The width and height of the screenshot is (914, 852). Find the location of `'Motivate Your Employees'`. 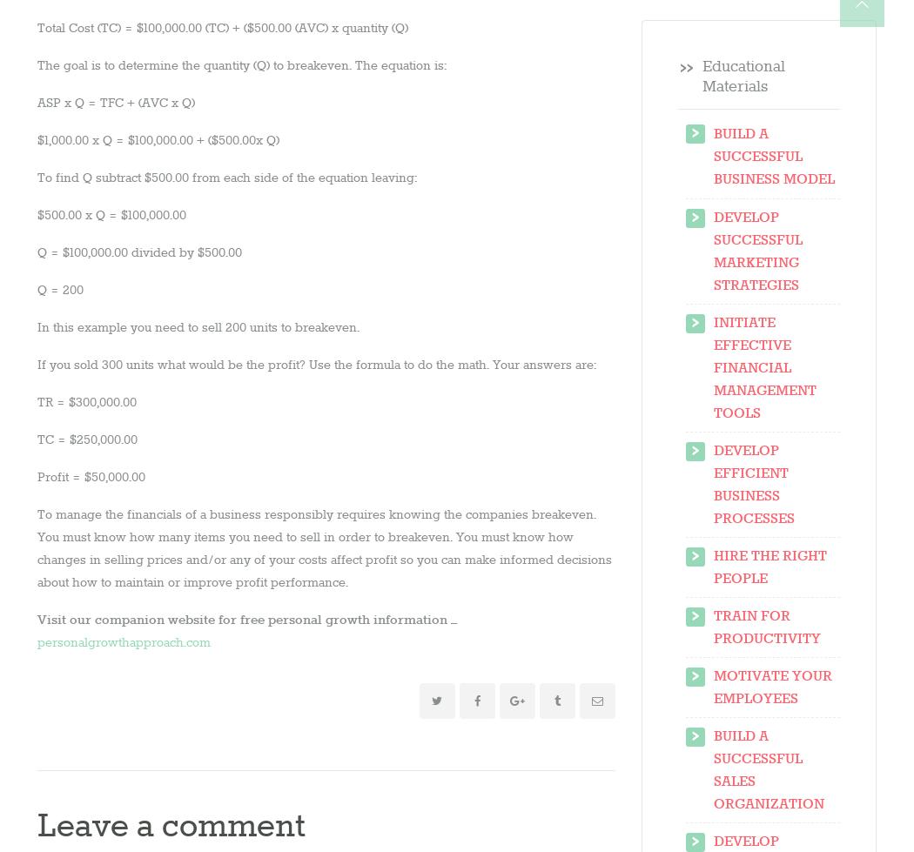

'Motivate Your Employees' is located at coordinates (771, 687).